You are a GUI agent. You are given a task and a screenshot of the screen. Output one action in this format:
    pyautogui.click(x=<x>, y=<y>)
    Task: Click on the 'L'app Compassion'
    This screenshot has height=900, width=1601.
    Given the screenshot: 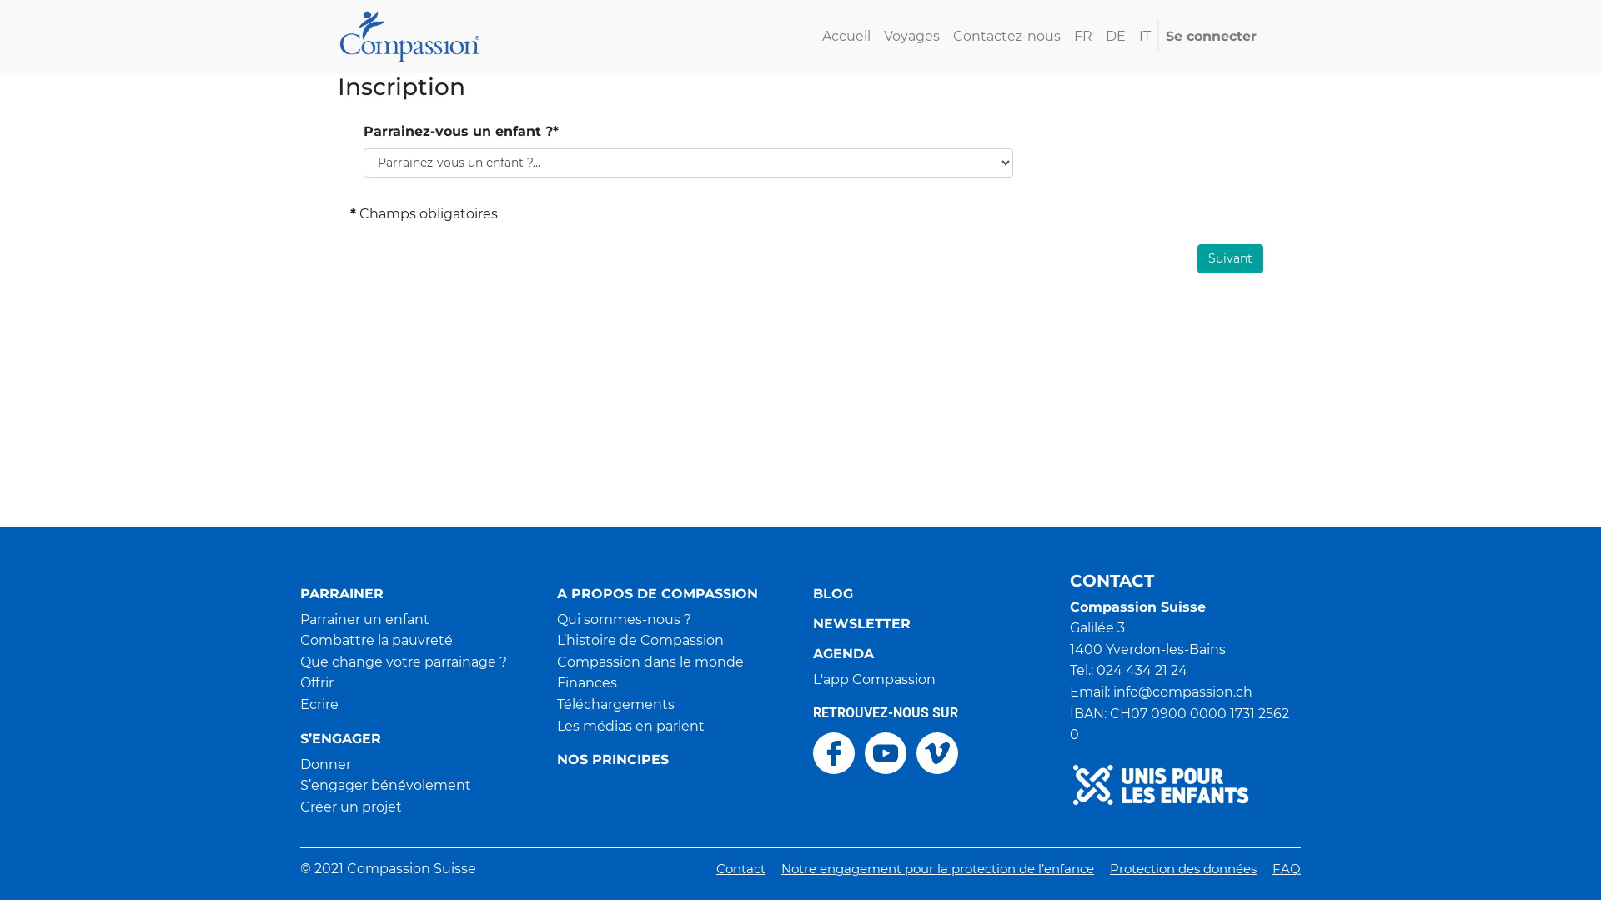 What is the action you would take?
    pyautogui.click(x=812, y=679)
    